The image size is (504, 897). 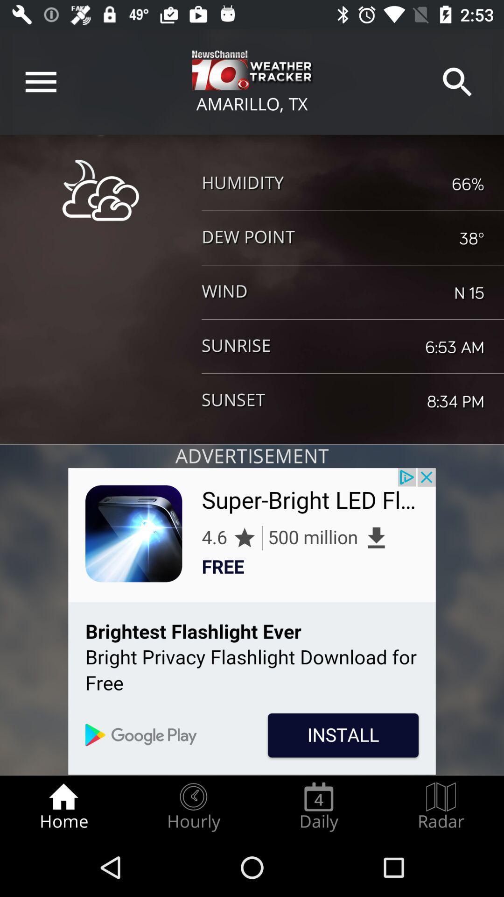 I want to click on install app, so click(x=252, y=621).